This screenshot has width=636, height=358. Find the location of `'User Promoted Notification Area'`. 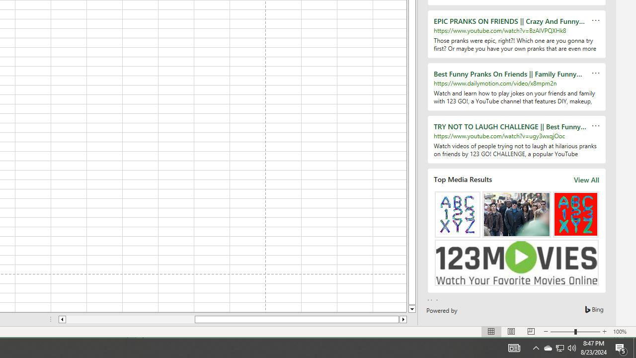

'User Promoted Notification Area' is located at coordinates (536, 347).